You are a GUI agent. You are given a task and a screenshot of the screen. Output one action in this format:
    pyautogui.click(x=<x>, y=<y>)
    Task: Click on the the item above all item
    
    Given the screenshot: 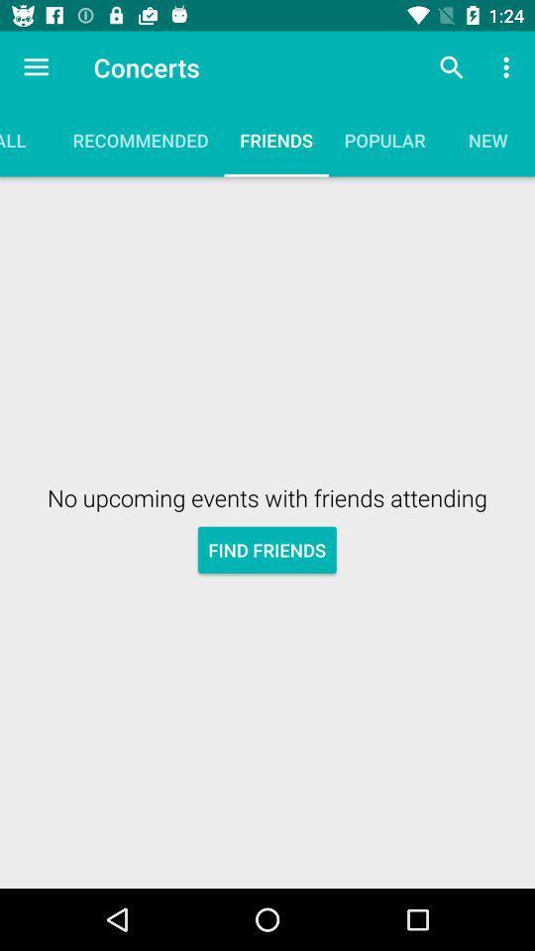 What is the action you would take?
    pyautogui.click(x=36, y=67)
    